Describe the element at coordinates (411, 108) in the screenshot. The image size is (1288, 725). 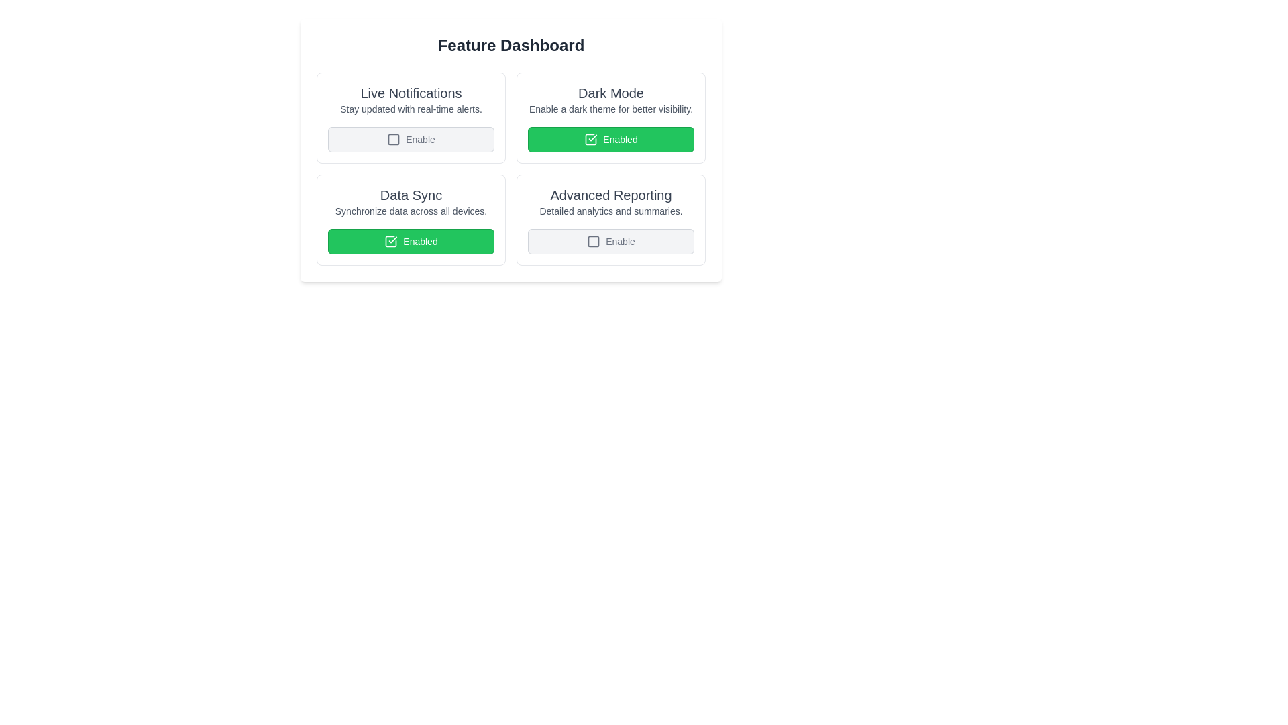
I see `the static text that reads 'Stay updated with real-time alerts.', which is positioned below the 'Live Notifications' heading in the dashboard` at that location.